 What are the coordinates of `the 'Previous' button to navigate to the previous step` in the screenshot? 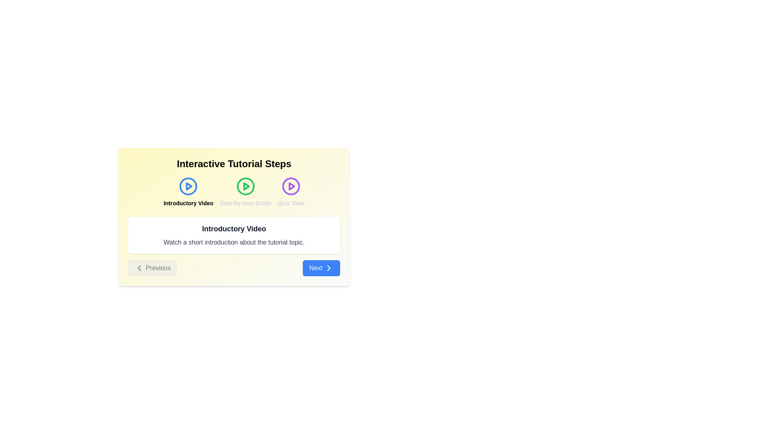 It's located at (152, 268).